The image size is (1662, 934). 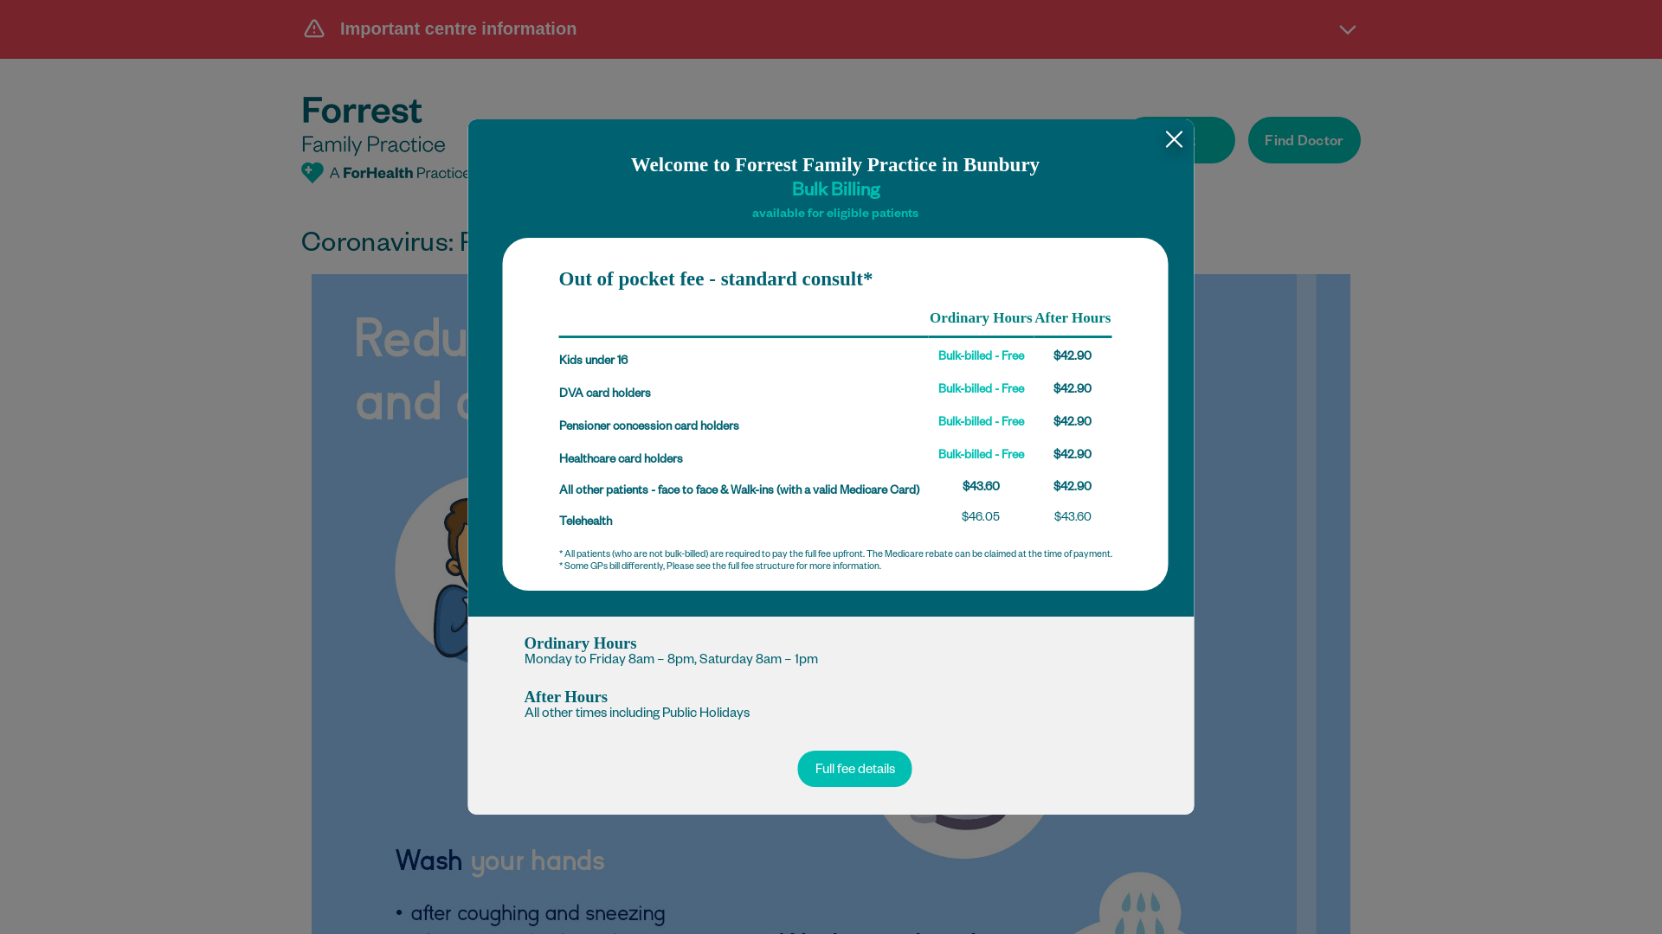 What do you see at coordinates (855, 767) in the screenshot?
I see `'Full fee details'` at bounding box center [855, 767].